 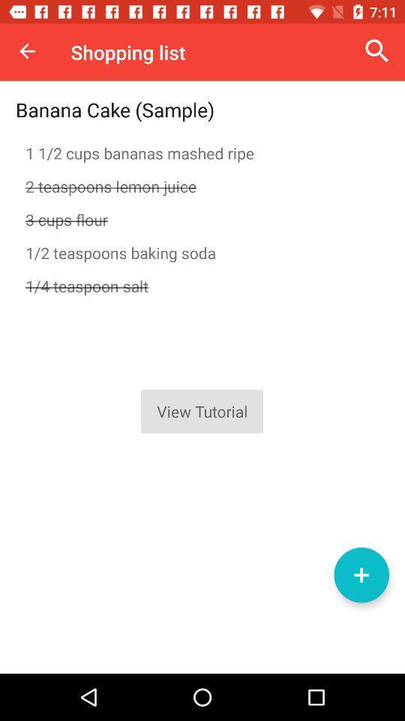 What do you see at coordinates (376, 51) in the screenshot?
I see `the item above 1 1 2 item` at bounding box center [376, 51].